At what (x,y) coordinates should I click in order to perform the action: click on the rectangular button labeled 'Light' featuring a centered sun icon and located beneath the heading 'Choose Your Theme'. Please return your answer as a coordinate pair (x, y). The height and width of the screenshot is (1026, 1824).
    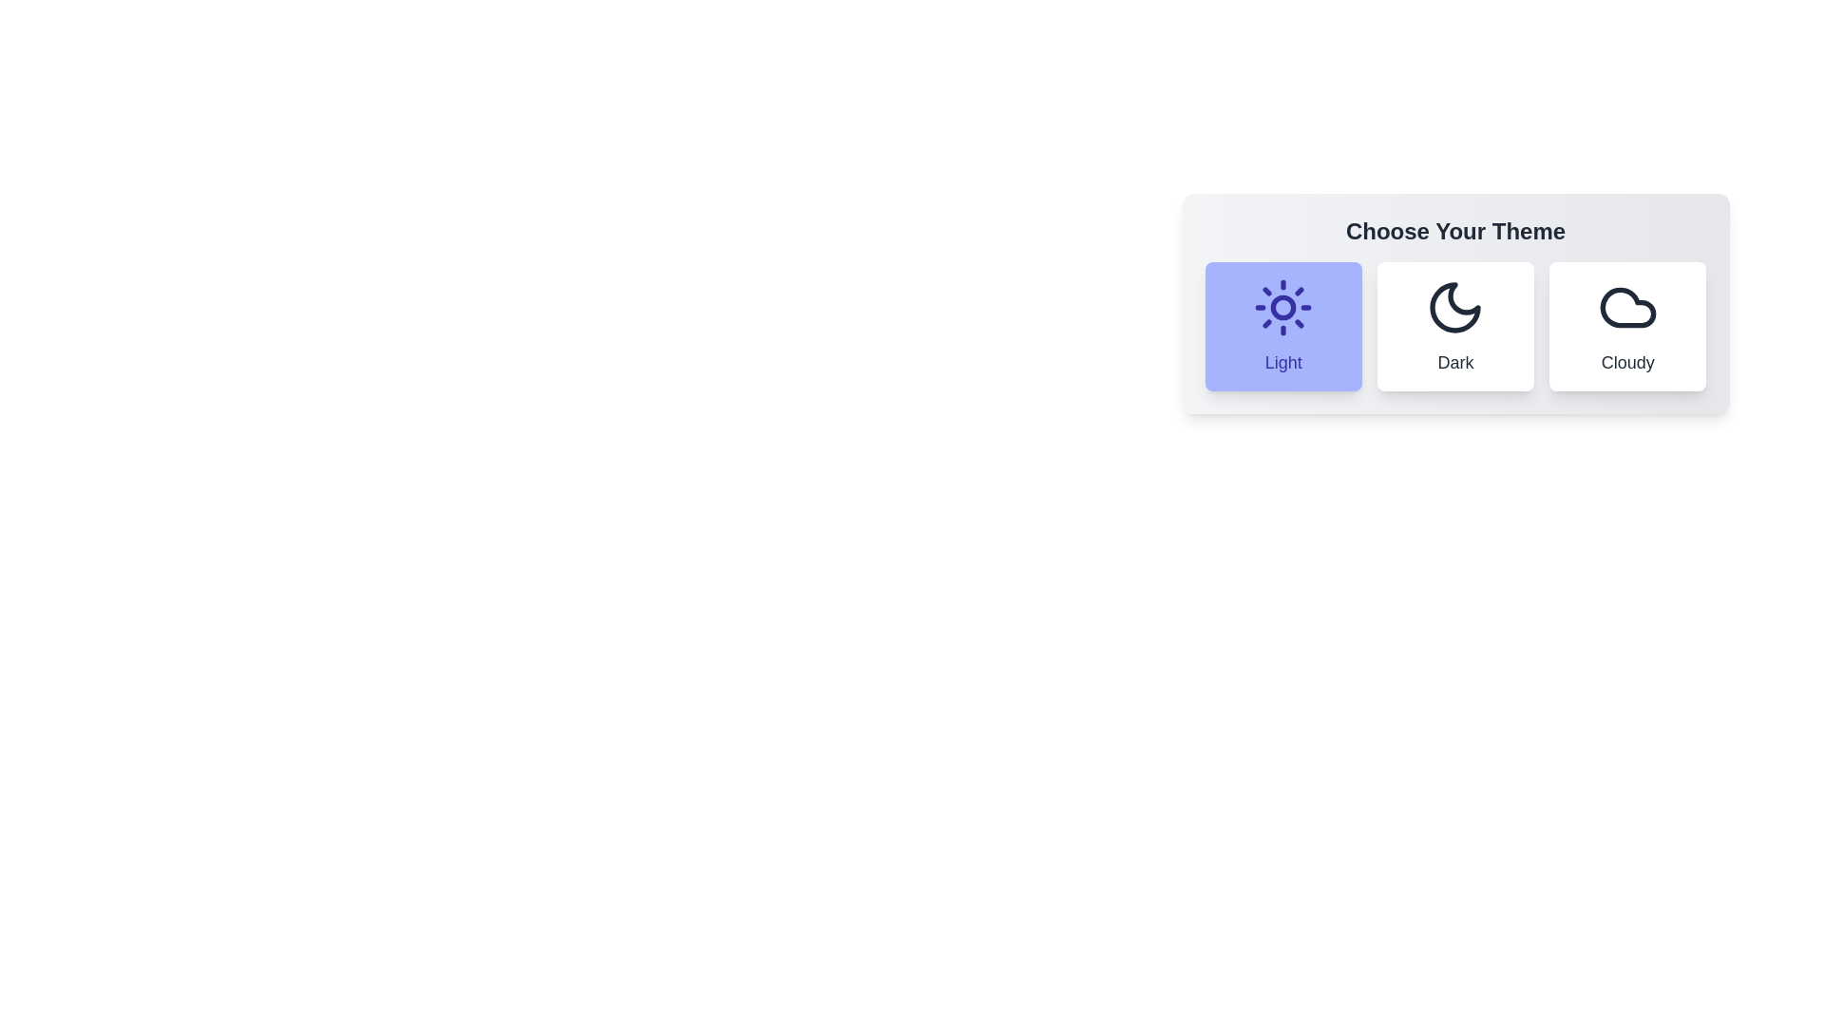
    Looking at the image, I should click on (1282, 325).